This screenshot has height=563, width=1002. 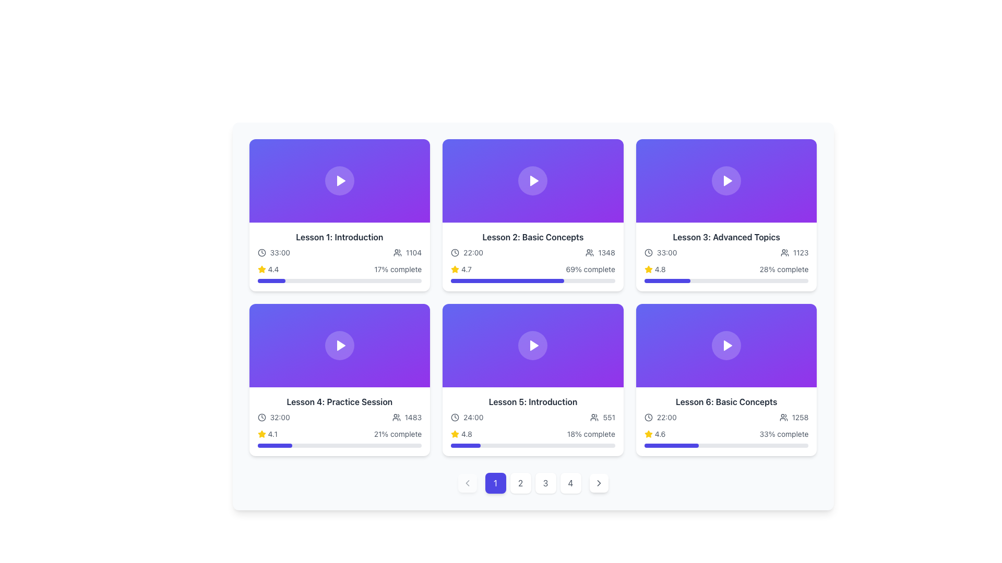 What do you see at coordinates (261, 434) in the screenshot?
I see `the bright yellow star-shaped icon located in the bottom-left corner of the card labeled 'Lesson 4: Practice Session' to rate or view rating details` at bounding box center [261, 434].